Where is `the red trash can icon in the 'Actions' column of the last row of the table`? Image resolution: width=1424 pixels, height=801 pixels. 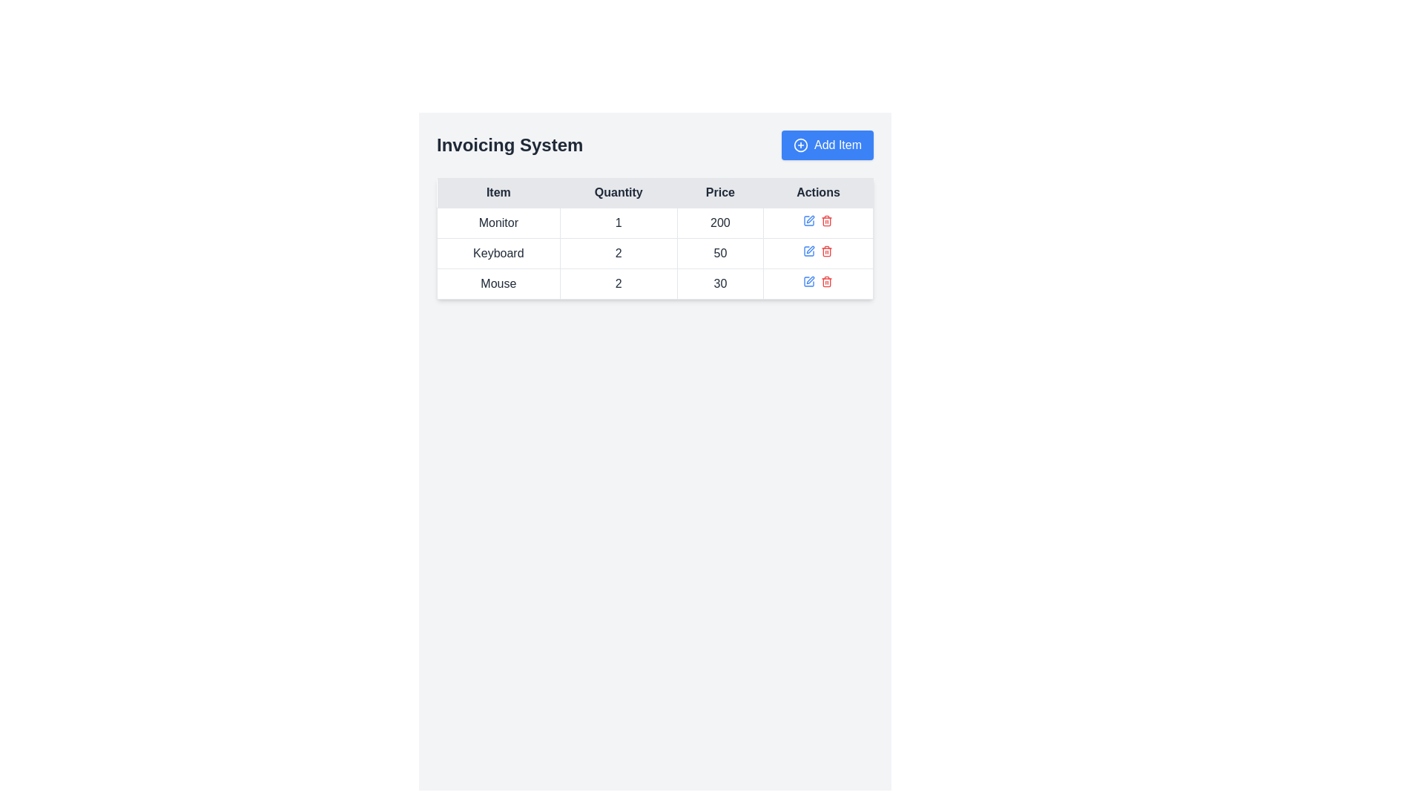 the red trash can icon in the 'Actions' column of the last row of the table is located at coordinates (826, 282).